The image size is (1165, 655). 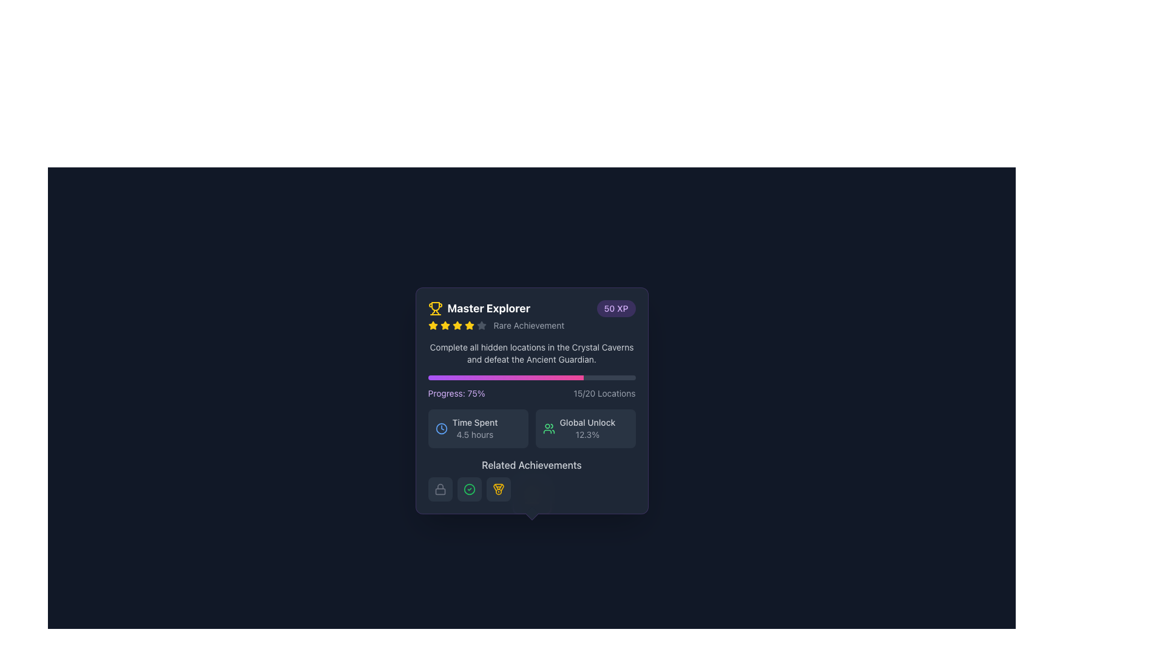 I want to click on the circular icon with a green border and a checkmark inside, located in the 'Related Achievements' section of the card interface, so click(x=468, y=488).